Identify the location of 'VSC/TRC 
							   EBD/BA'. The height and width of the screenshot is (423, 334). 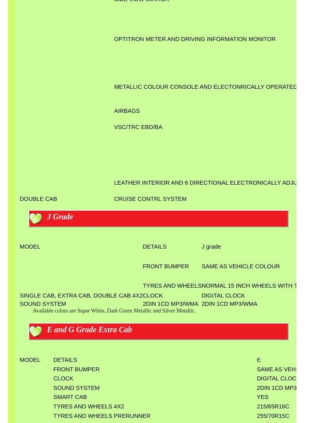
(137, 126).